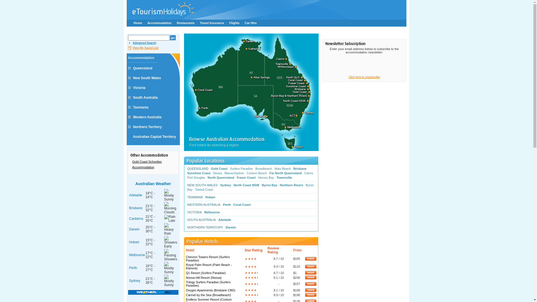  I want to click on 'Far North Queensland', so click(269, 173).